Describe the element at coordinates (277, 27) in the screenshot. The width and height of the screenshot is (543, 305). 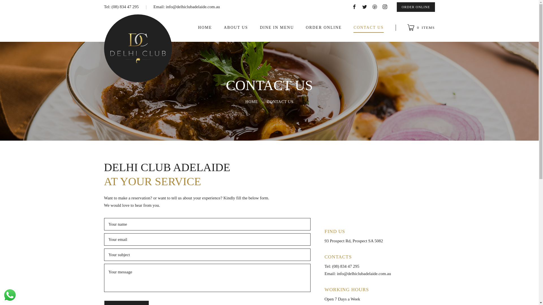
I see `'DINE IN MENU'` at that location.